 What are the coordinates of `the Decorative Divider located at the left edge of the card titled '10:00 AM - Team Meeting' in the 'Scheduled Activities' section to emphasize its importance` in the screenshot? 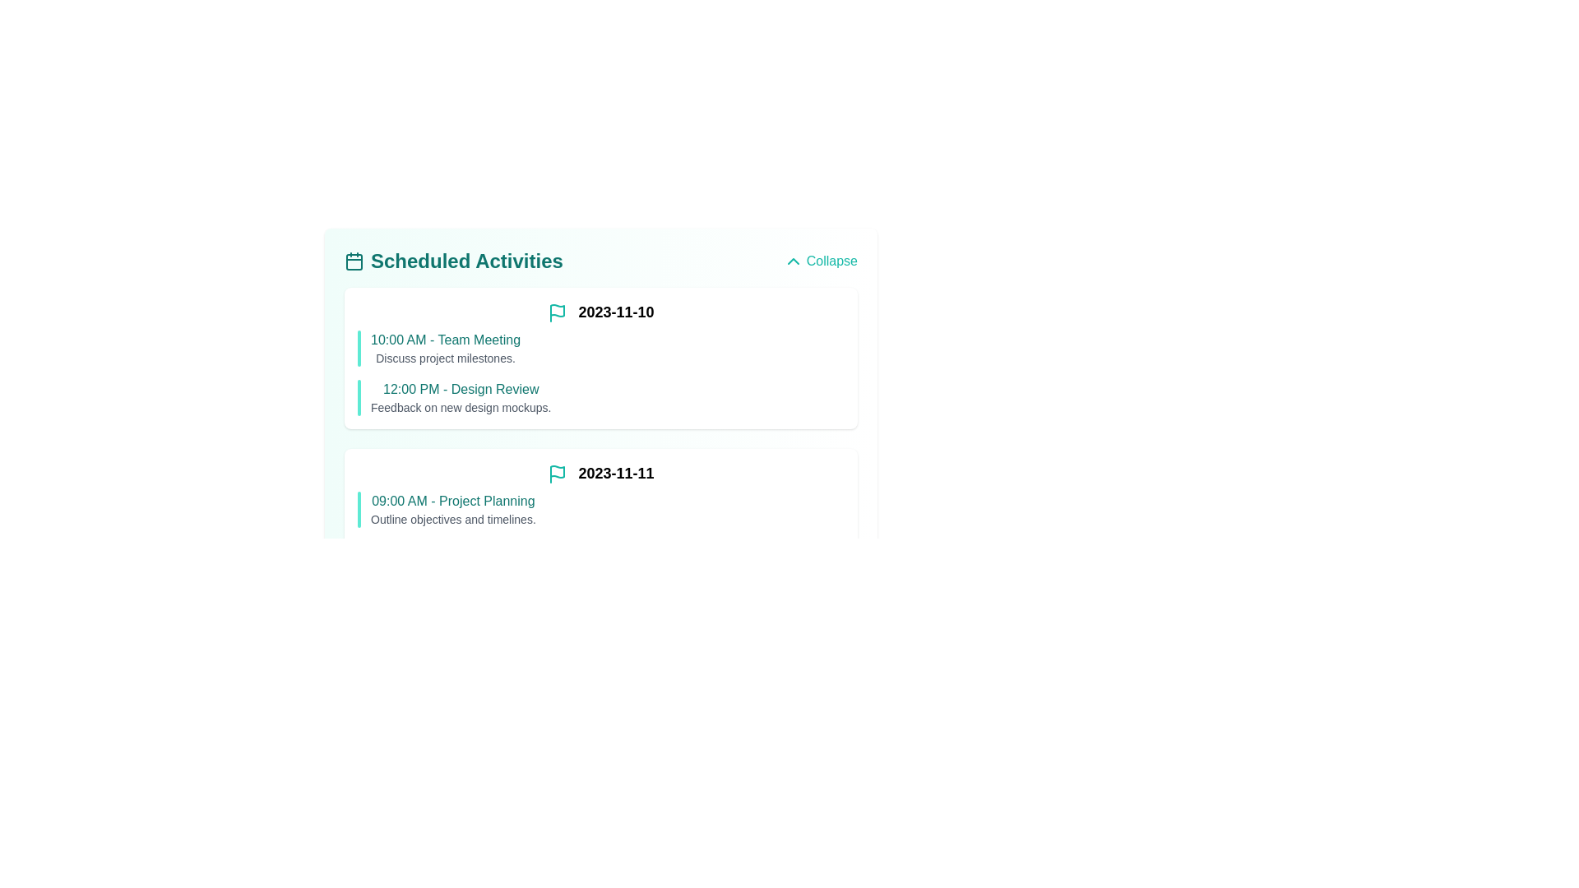 It's located at (358, 348).